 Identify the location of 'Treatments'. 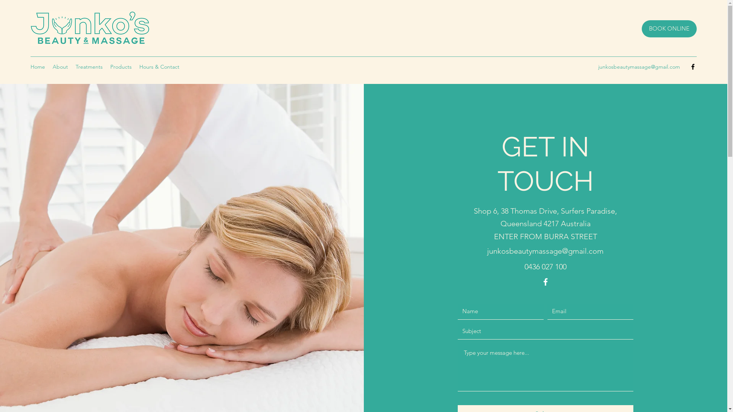
(89, 66).